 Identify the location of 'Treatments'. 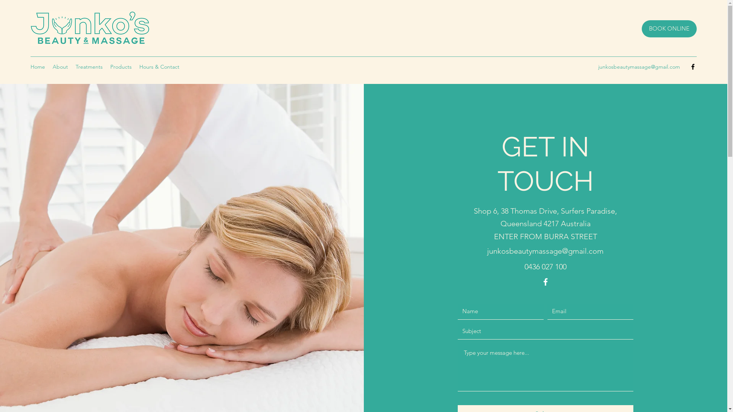
(89, 66).